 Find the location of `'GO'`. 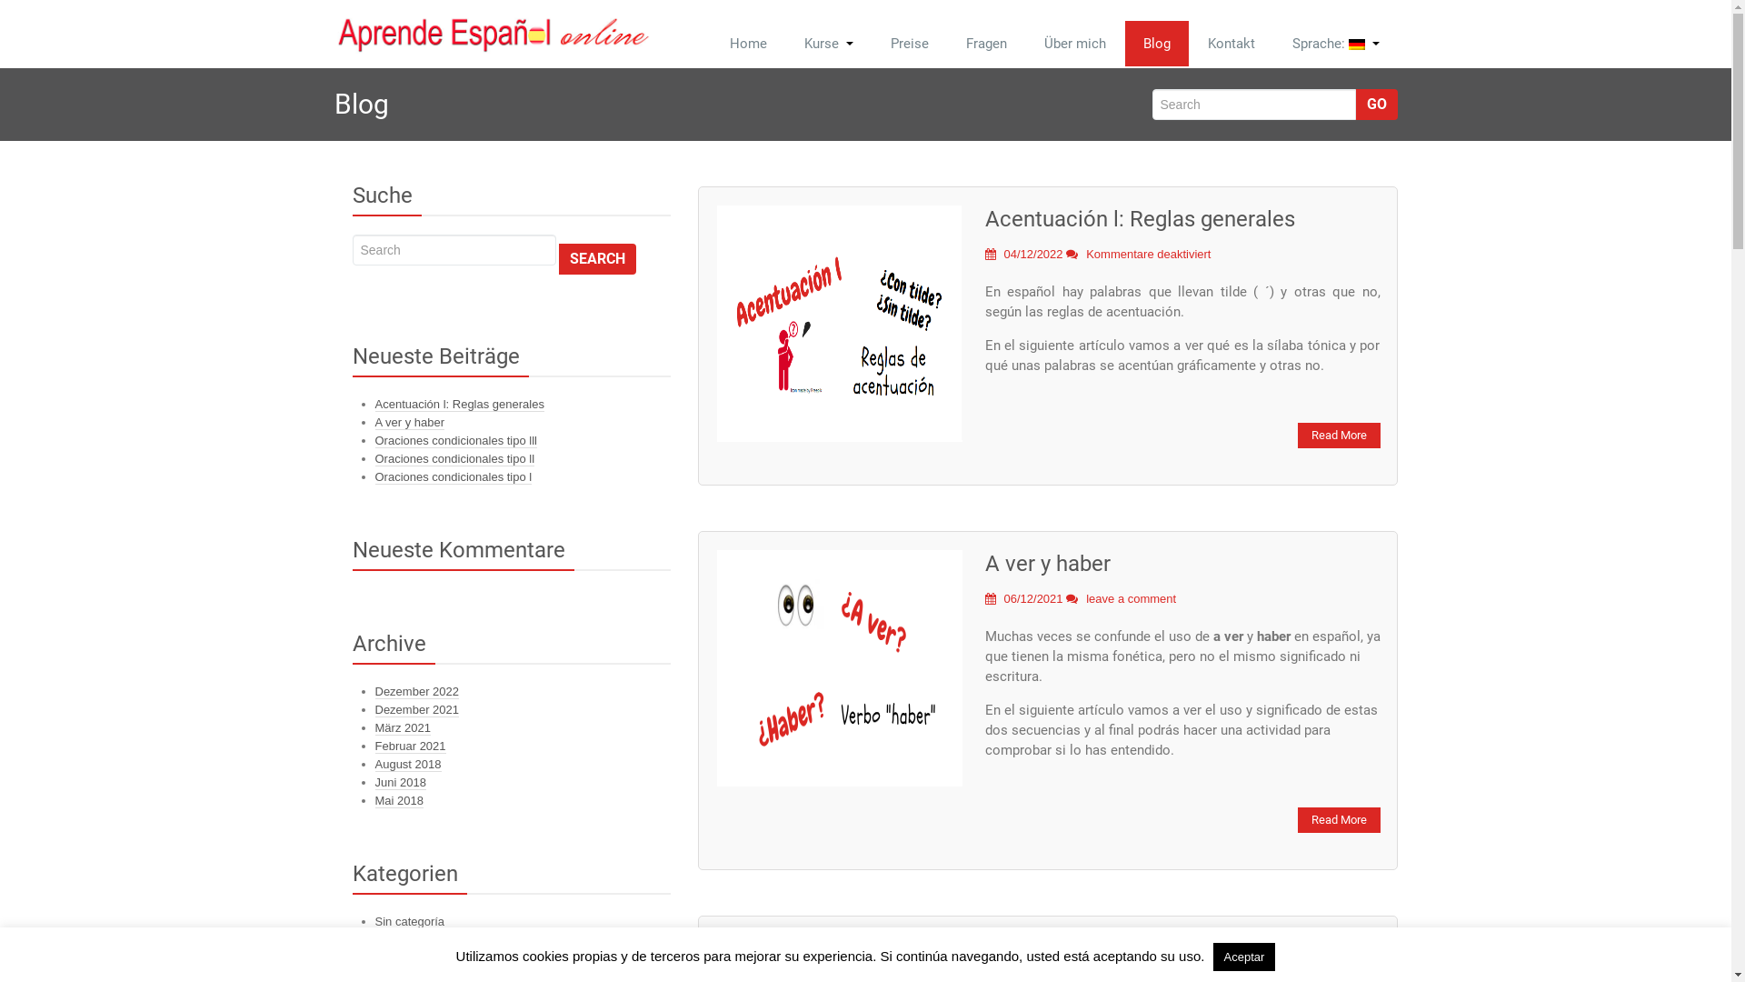

'GO' is located at coordinates (1356, 105).